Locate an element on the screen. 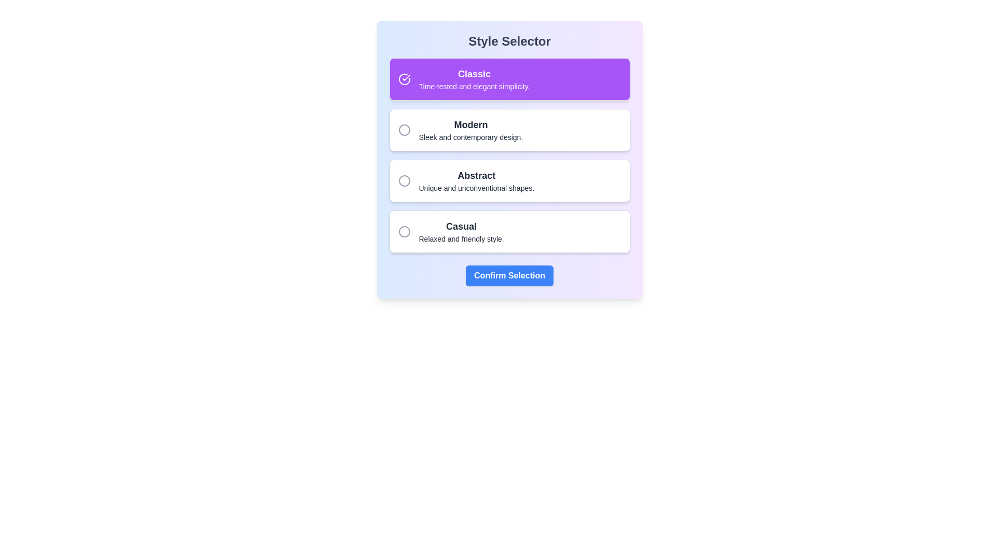 This screenshot has height=560, width=996. descriptive text for the 'Classic' style option located below the header 'Classic' in the style categories list is located at coordinates (474, 86).